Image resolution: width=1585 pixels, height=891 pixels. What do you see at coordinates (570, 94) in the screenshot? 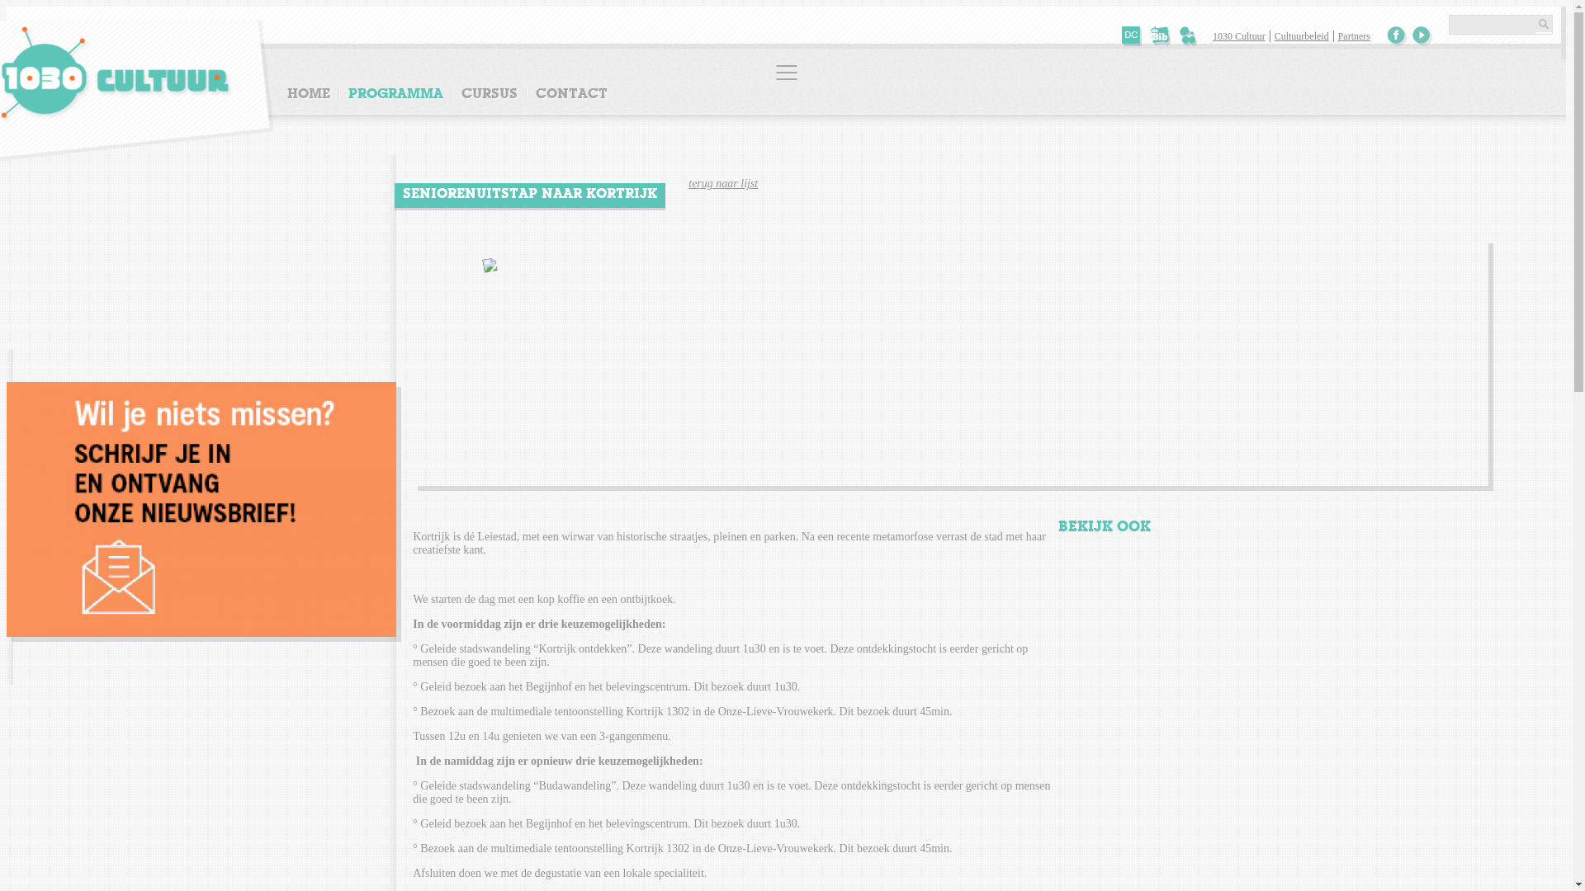
I see `'CONTACT'` at bounding box center [570, 94].